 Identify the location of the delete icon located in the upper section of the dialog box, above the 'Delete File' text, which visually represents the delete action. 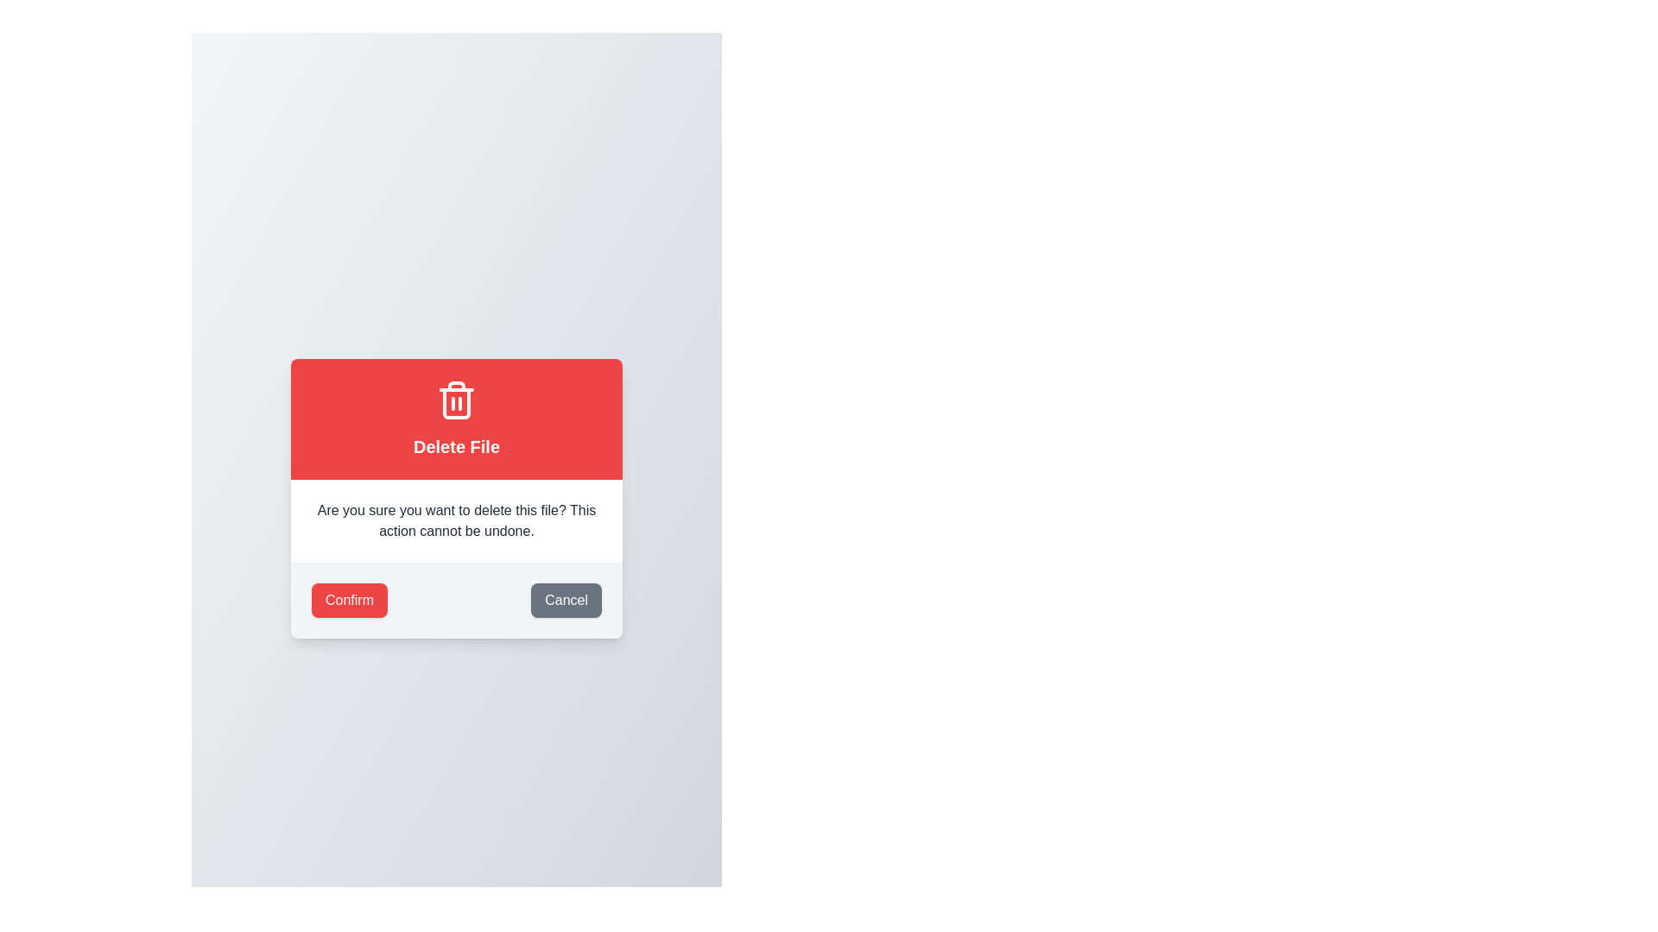
(456, 400).